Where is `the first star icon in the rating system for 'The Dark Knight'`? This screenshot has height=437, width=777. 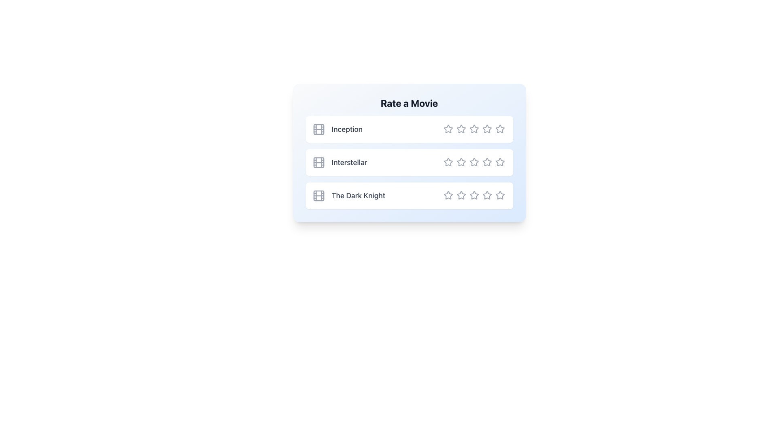 the first star icon in the rating system for 'The Dark Knight' is located at coordinates (448, 195).